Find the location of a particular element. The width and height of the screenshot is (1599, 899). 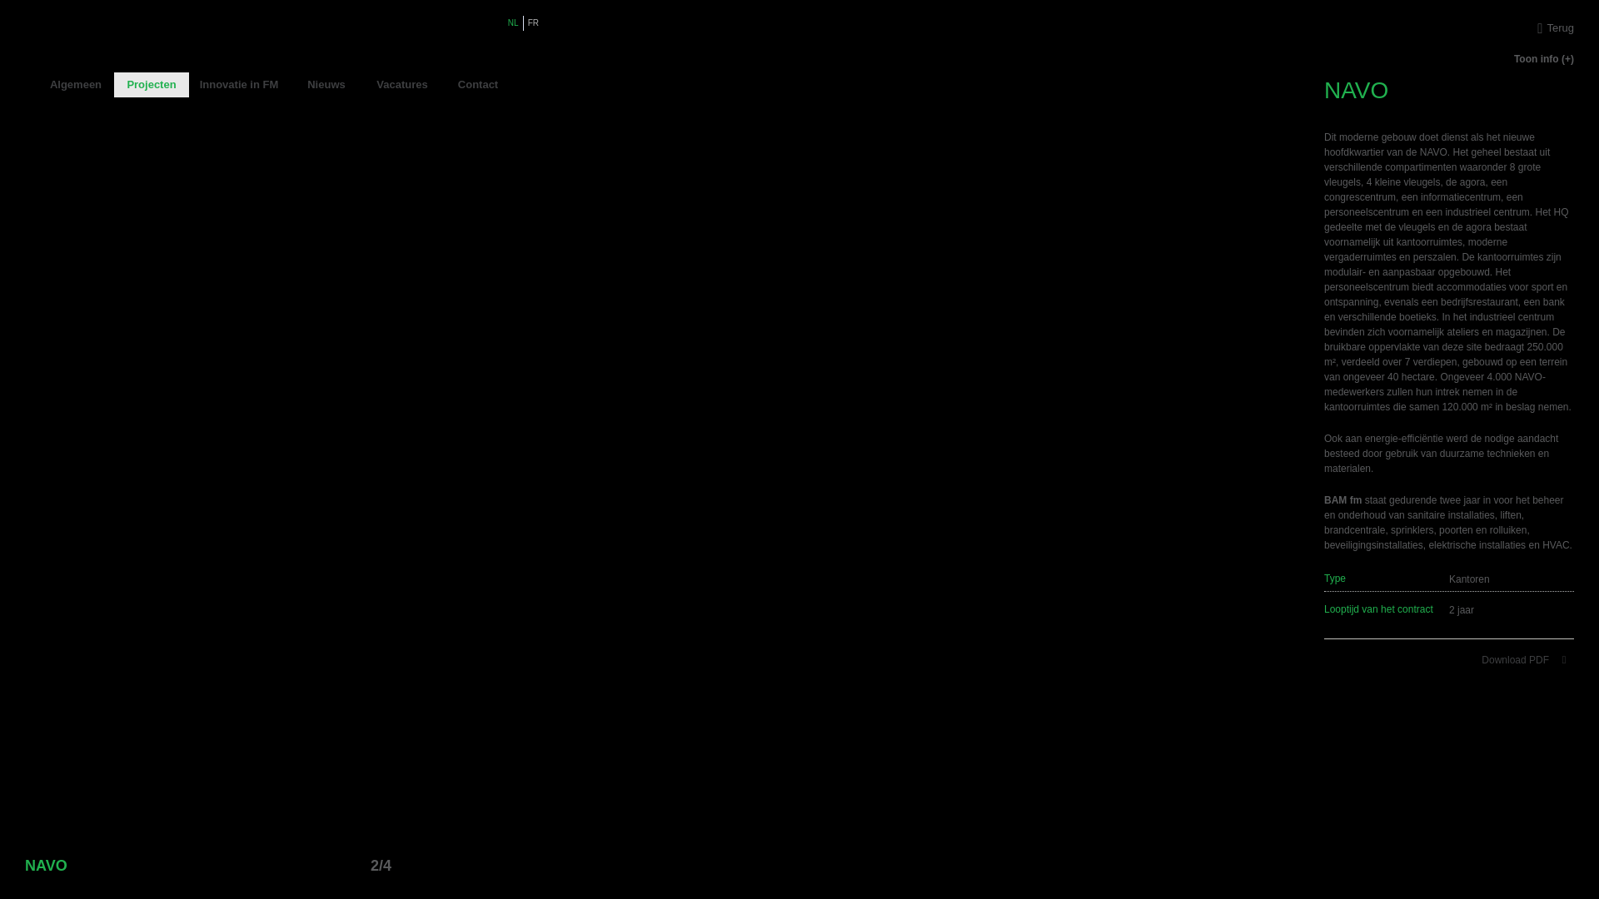

'Download PDF' is located at coordinates (1527, 659).